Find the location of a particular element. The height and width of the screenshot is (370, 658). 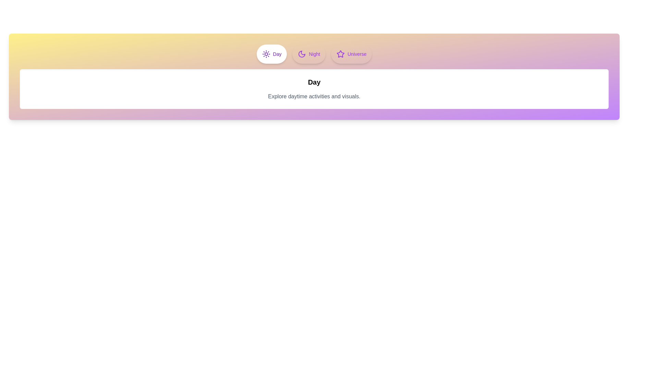

the Universe tab to display its associated content is located at coordinates (352, 54).